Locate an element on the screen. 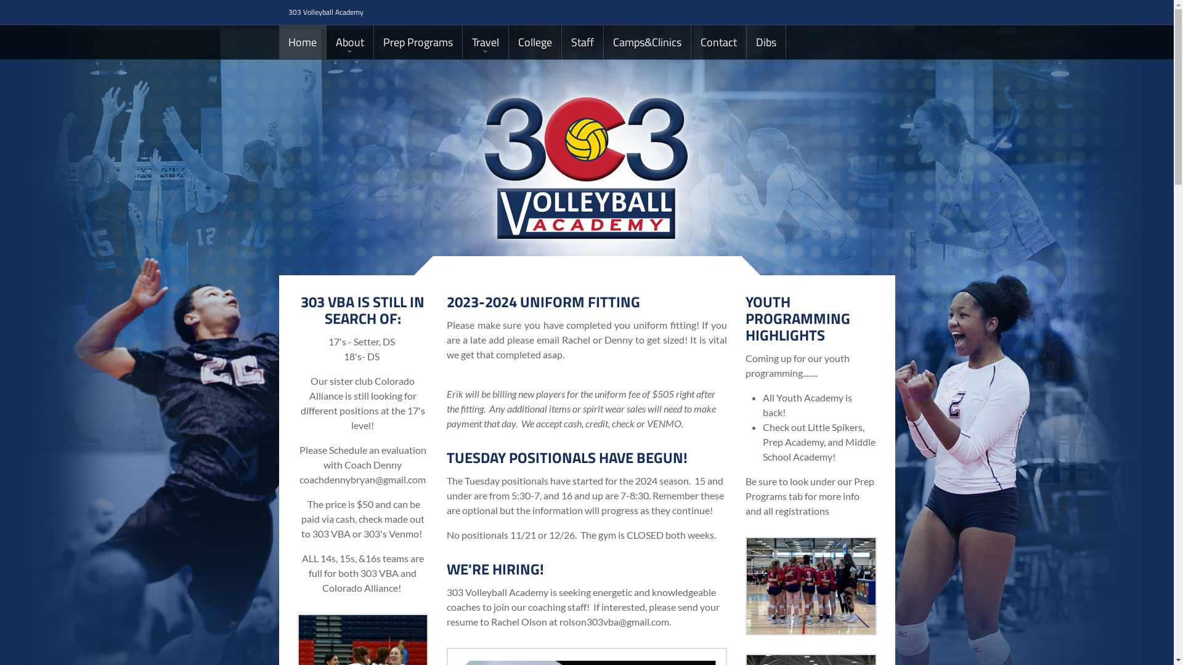 This screenshot has width=1183, height=665. 'College' is located at coordinates (535, 41).